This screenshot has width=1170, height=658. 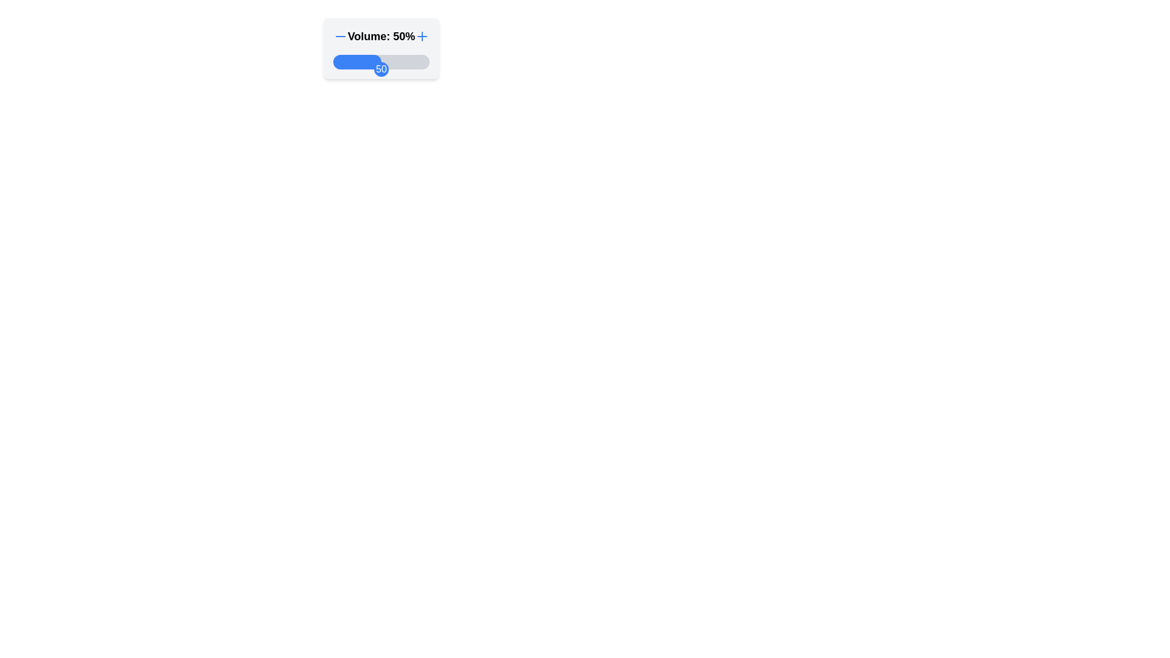 I want to click on the slider marked 'Volume: 50%', so click(x=380, y=48).